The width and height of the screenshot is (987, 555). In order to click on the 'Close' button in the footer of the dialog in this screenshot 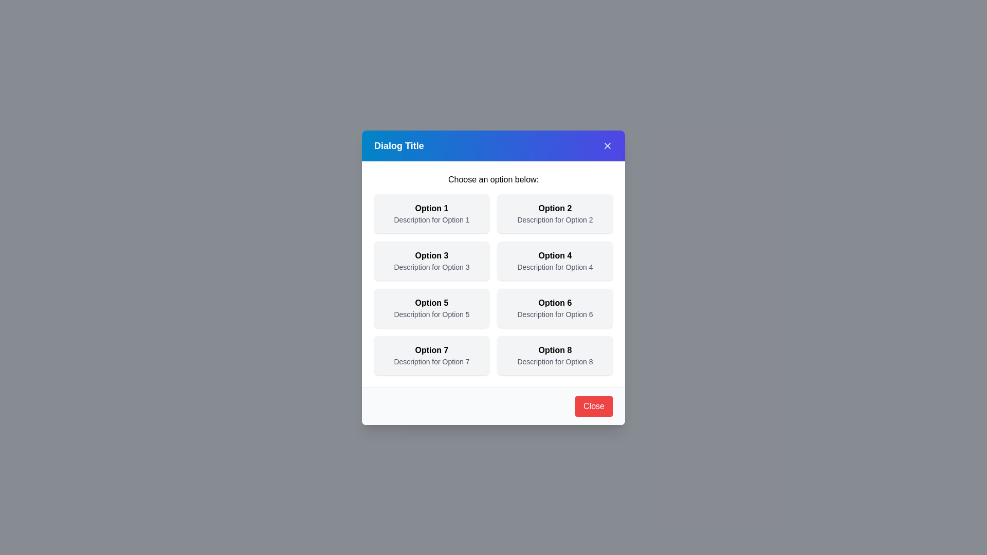, I will do `click(594, 405)`.